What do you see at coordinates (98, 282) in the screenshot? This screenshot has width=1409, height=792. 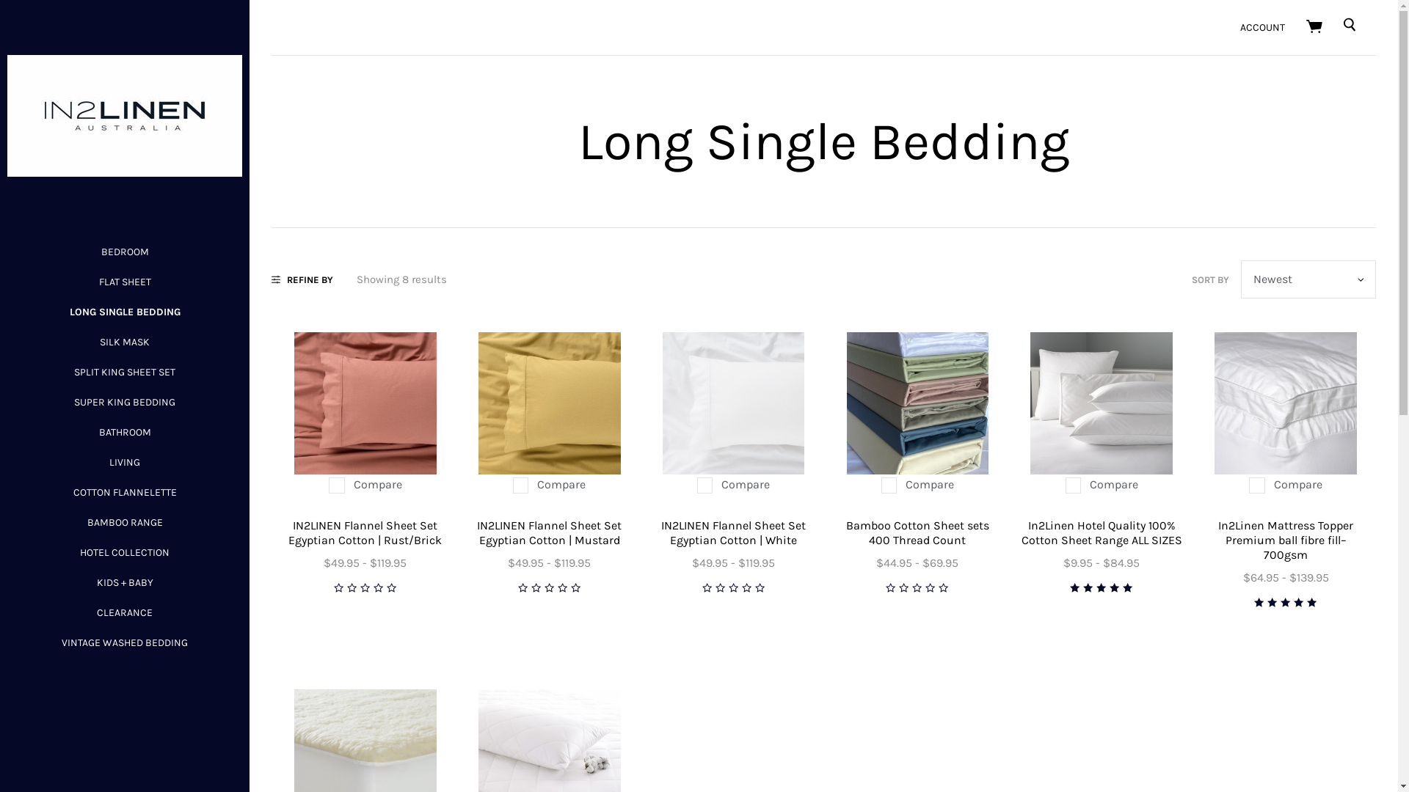 I see `'FLAT SHEET'` at bounding box center [98, 282].